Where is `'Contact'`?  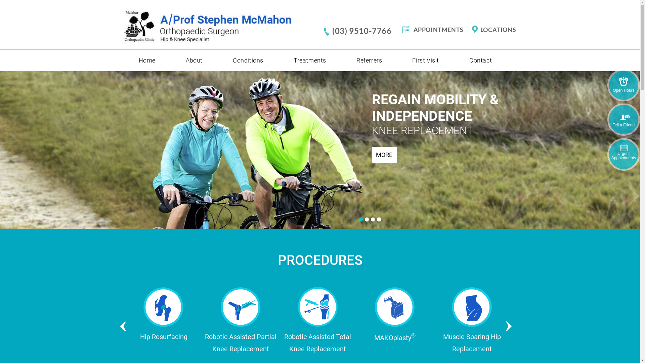
'Contact' is located at coordinates (480, 61).